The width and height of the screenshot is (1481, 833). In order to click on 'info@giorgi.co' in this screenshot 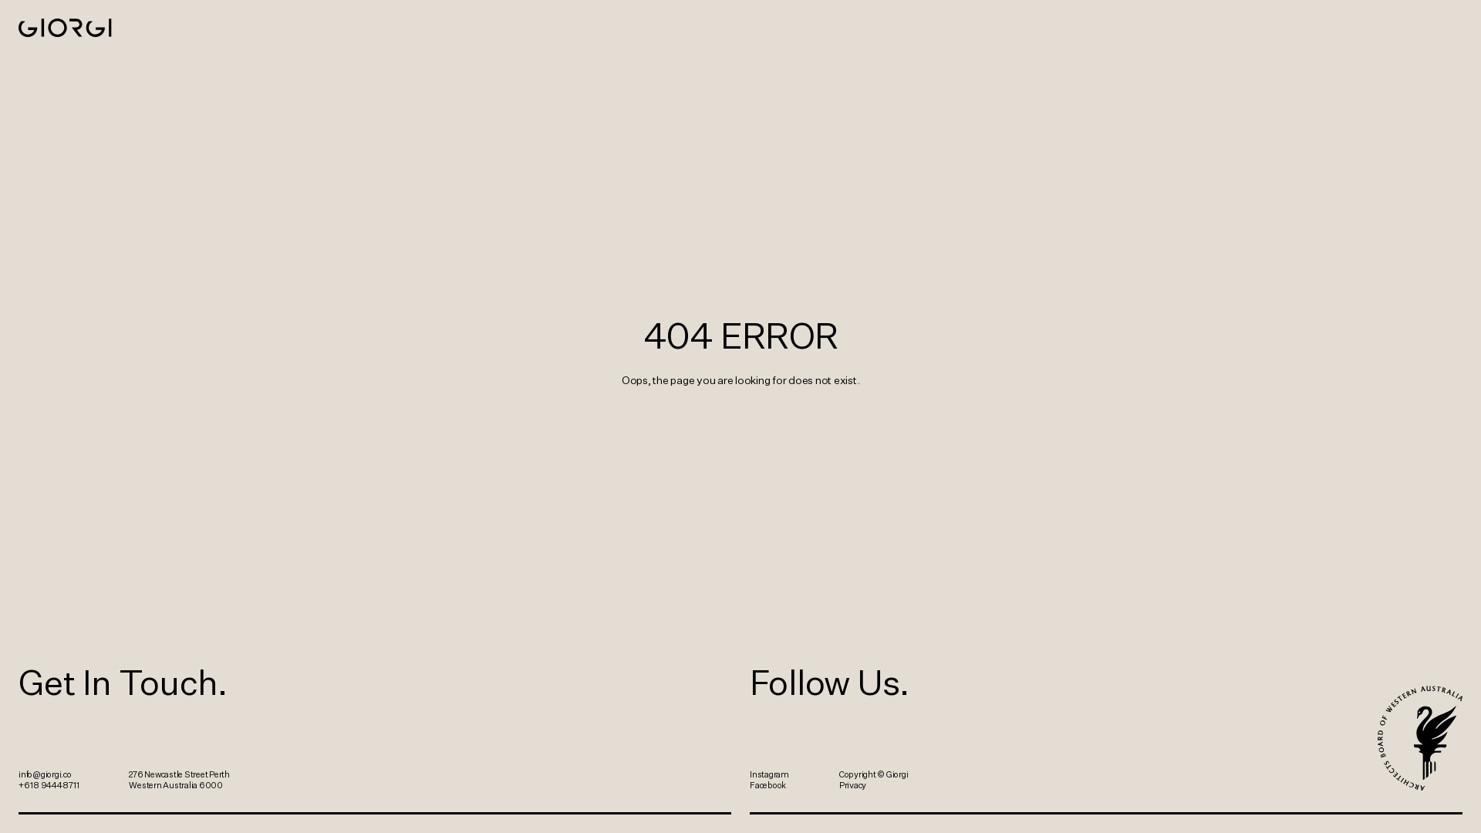, I will do `click(45, 774)`.